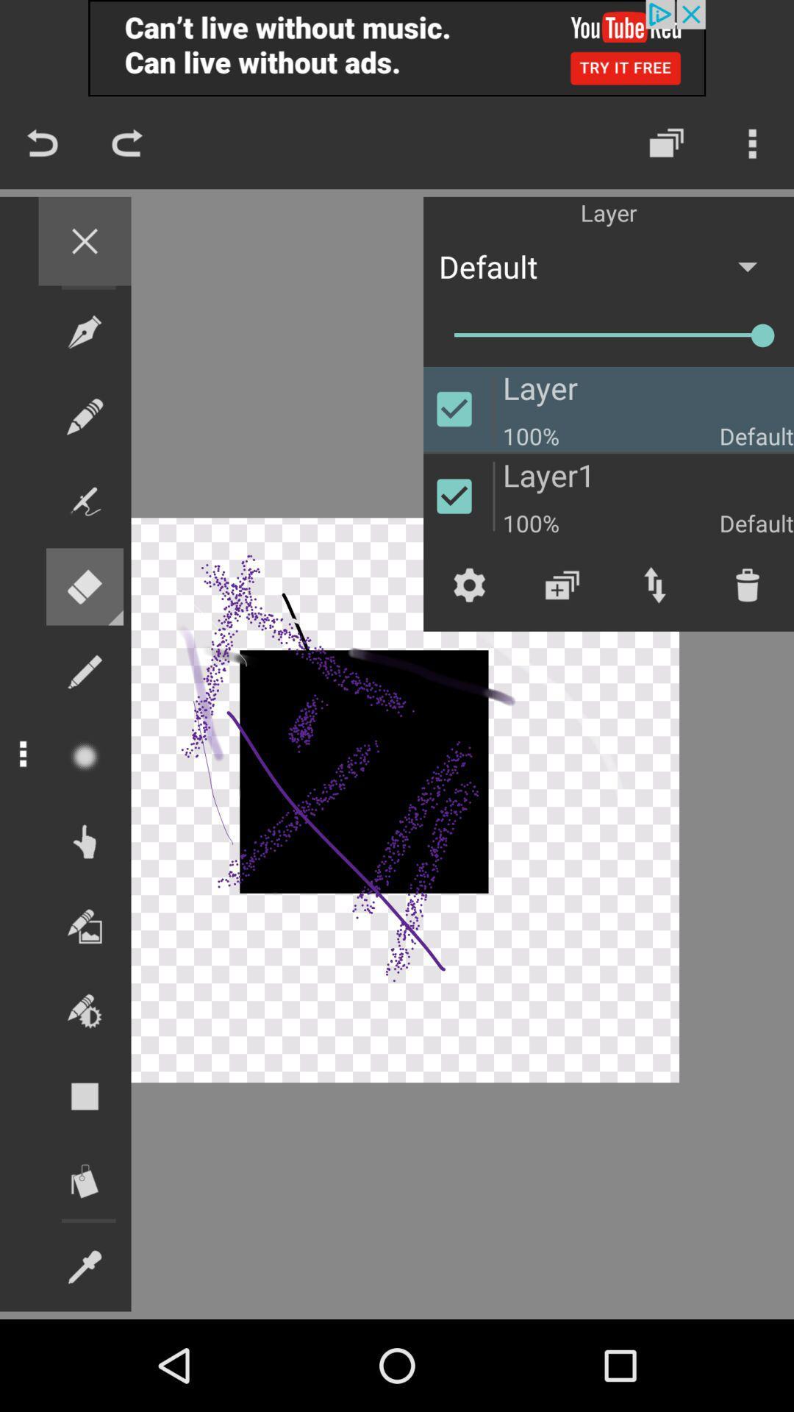  Describe the element at coordinates (85, 671) in the screenshot. I see `the edit icon` at that location.